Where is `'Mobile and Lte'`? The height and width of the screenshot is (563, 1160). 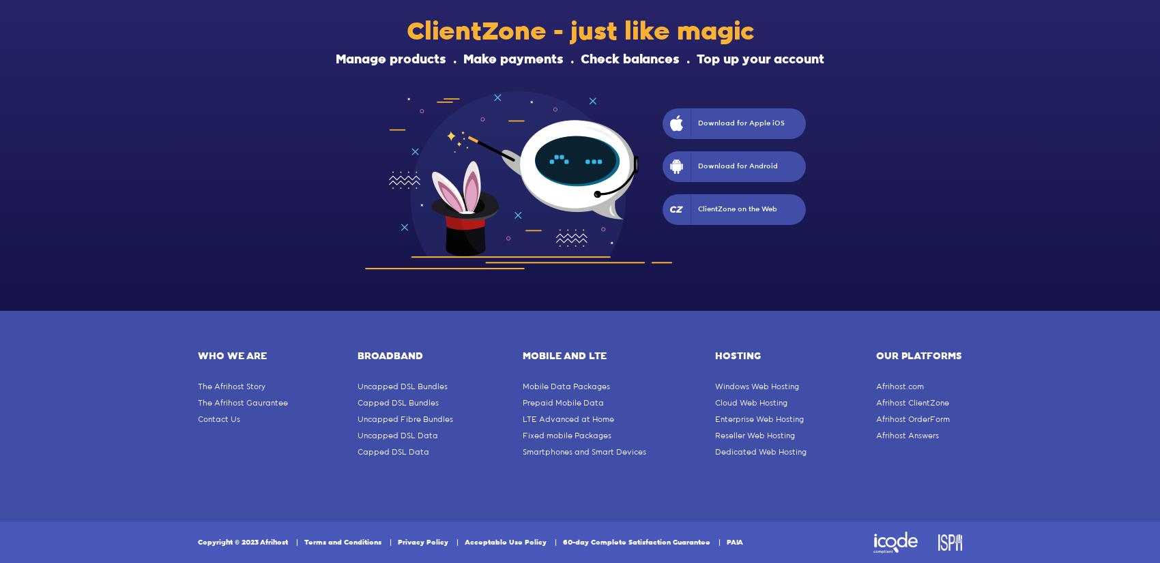
'Mobile and Lte' is located at coordinates (563, 356).